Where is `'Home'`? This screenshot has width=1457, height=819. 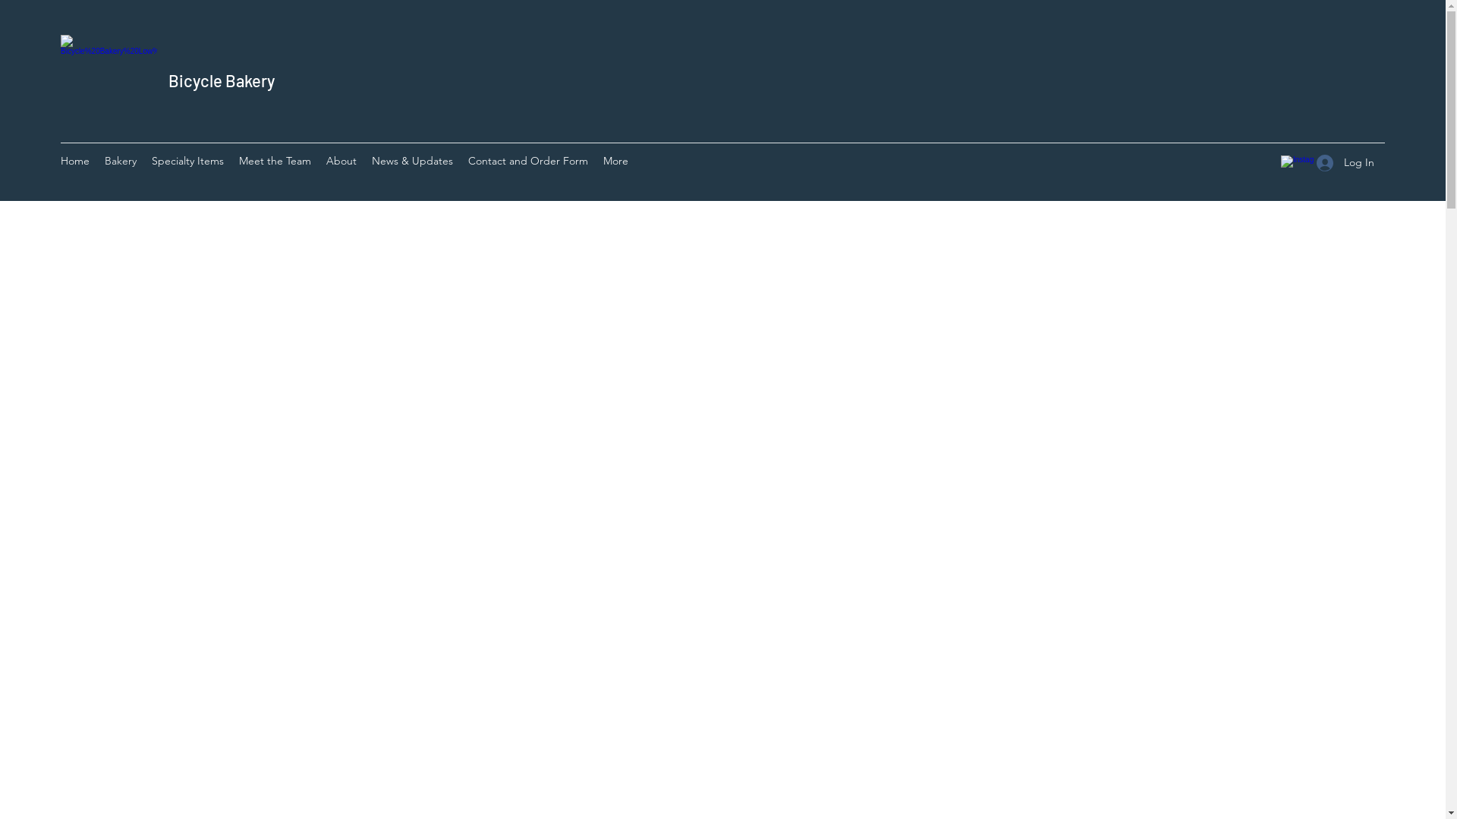
'Home' is located at coordinates (74, 163).